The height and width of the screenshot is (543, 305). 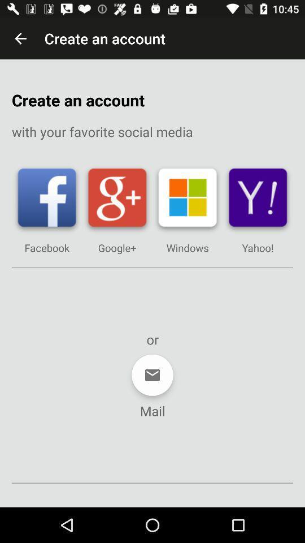 What do you see at coordinates (152, 375) in the screenshot?
I see `icon above mail` at bounding box center [152, 375].